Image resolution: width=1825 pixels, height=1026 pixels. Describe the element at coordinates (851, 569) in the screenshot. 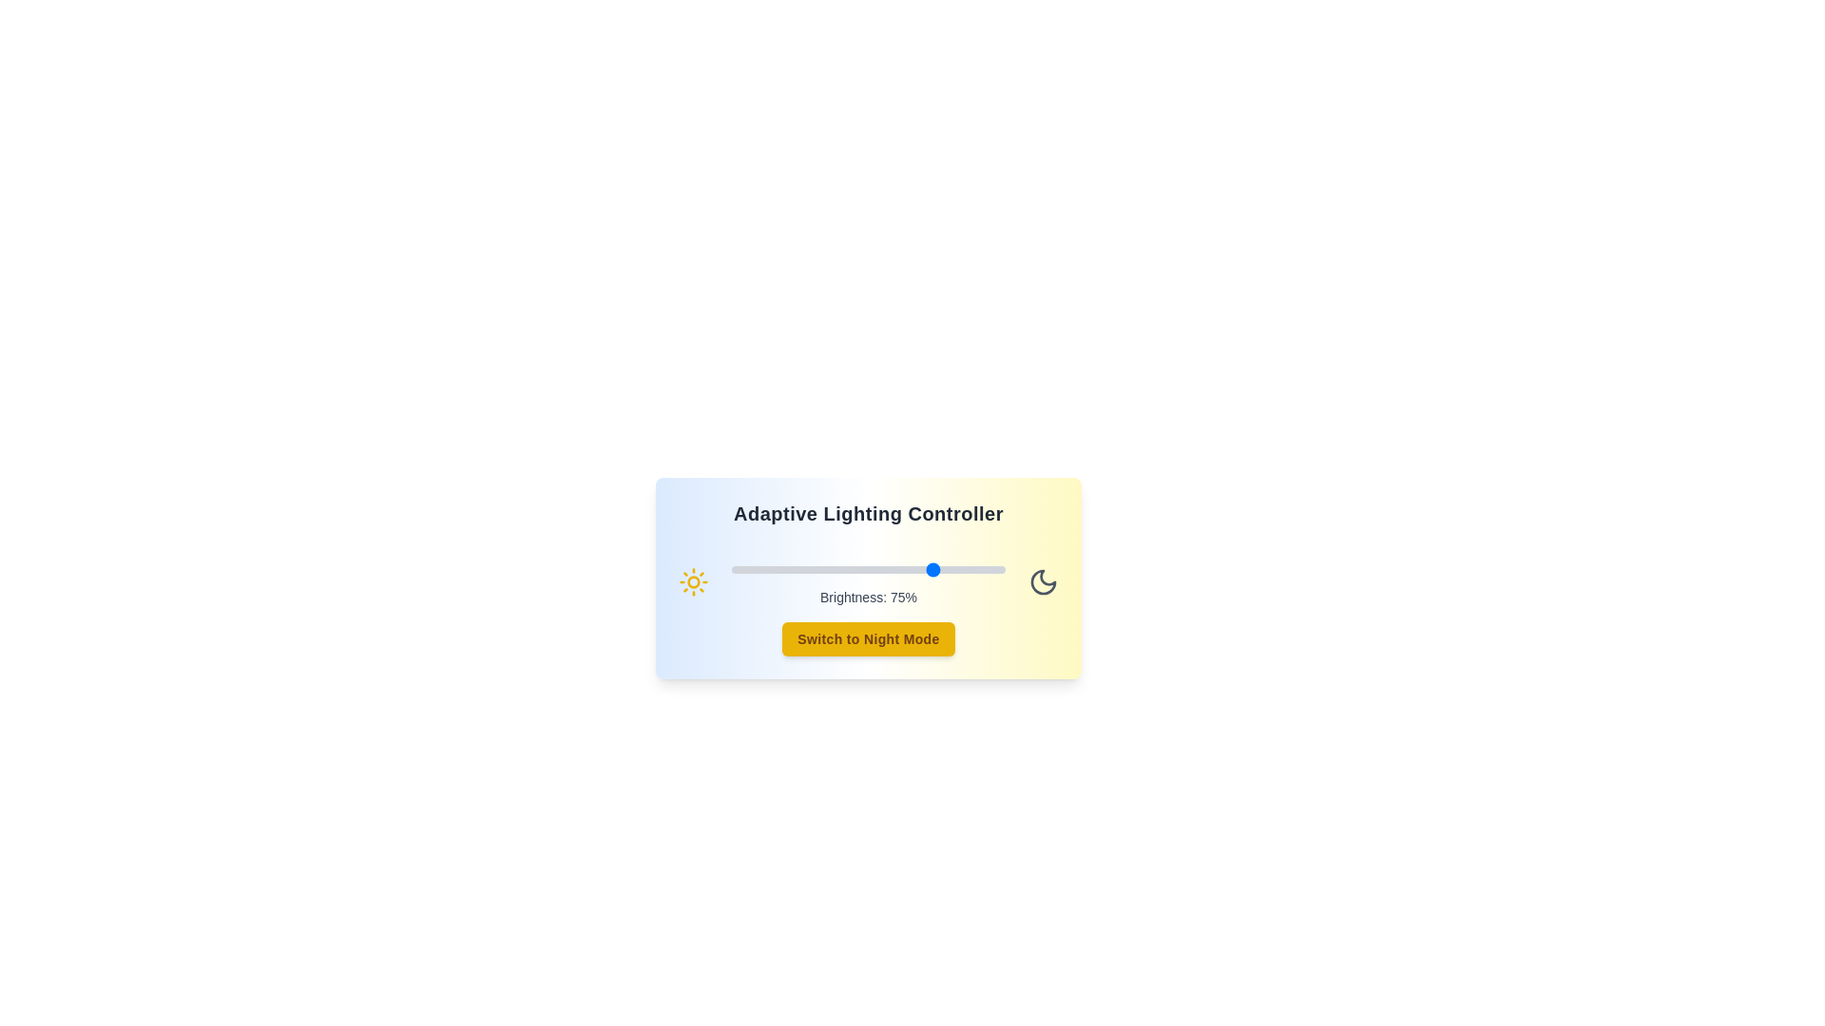

I see `the brightness level` at that location.